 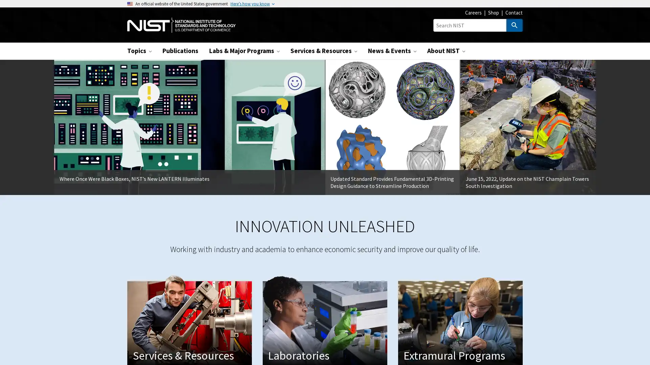 What do you see at coordinates (323, 50) in the screenshot?
I see `Services & Resources` at bounding box center [323, 50].